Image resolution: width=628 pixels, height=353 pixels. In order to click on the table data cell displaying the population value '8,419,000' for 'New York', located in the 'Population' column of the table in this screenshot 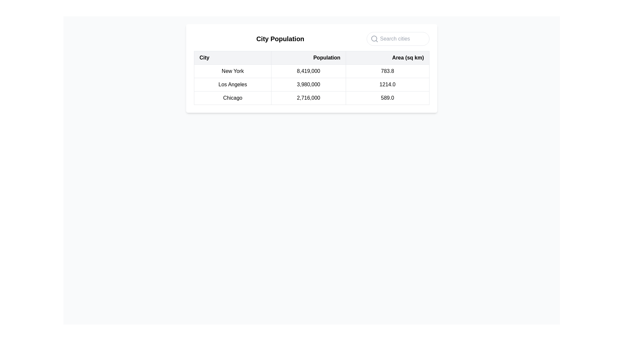, I will do `click(308, 71)`.